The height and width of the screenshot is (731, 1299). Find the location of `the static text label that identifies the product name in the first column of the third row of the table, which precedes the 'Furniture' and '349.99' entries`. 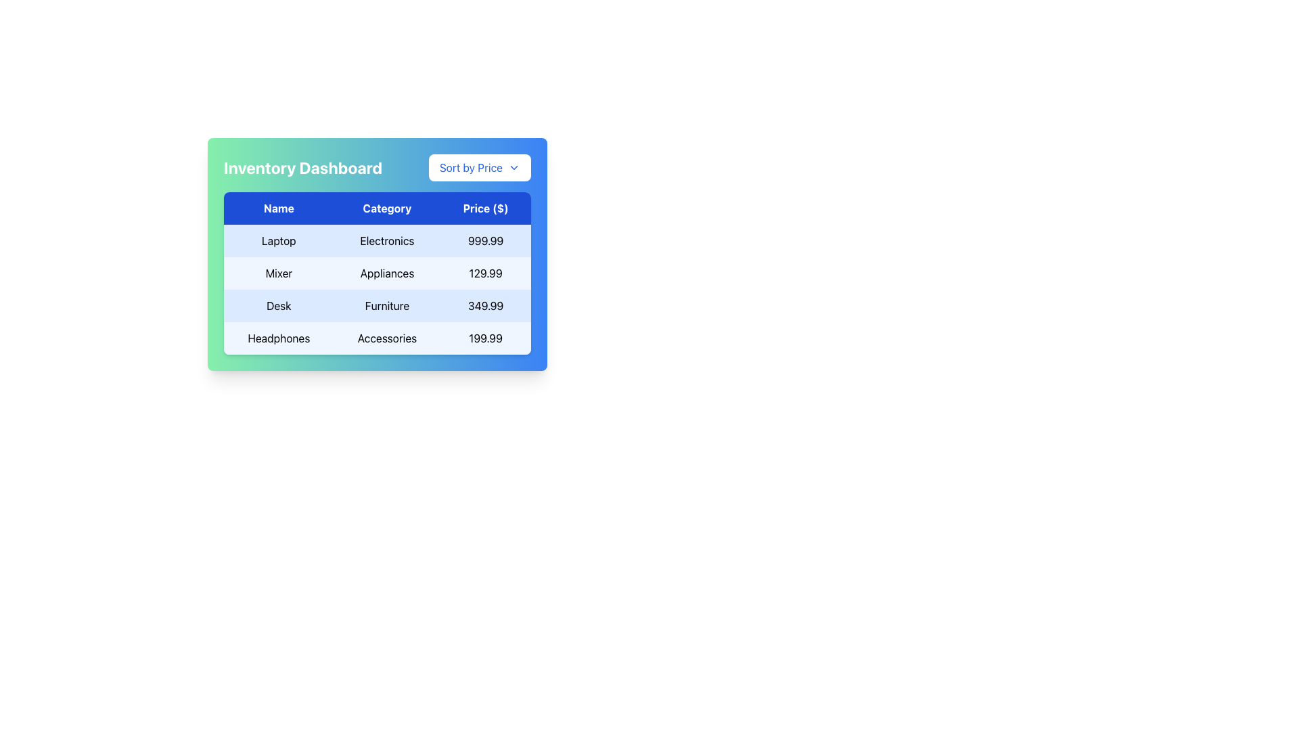

the static text label that identifies the product name in the first column of the third row of the table, which precedes the 'Furniture' and '349.99' entries is located at coordinates (278, 305).